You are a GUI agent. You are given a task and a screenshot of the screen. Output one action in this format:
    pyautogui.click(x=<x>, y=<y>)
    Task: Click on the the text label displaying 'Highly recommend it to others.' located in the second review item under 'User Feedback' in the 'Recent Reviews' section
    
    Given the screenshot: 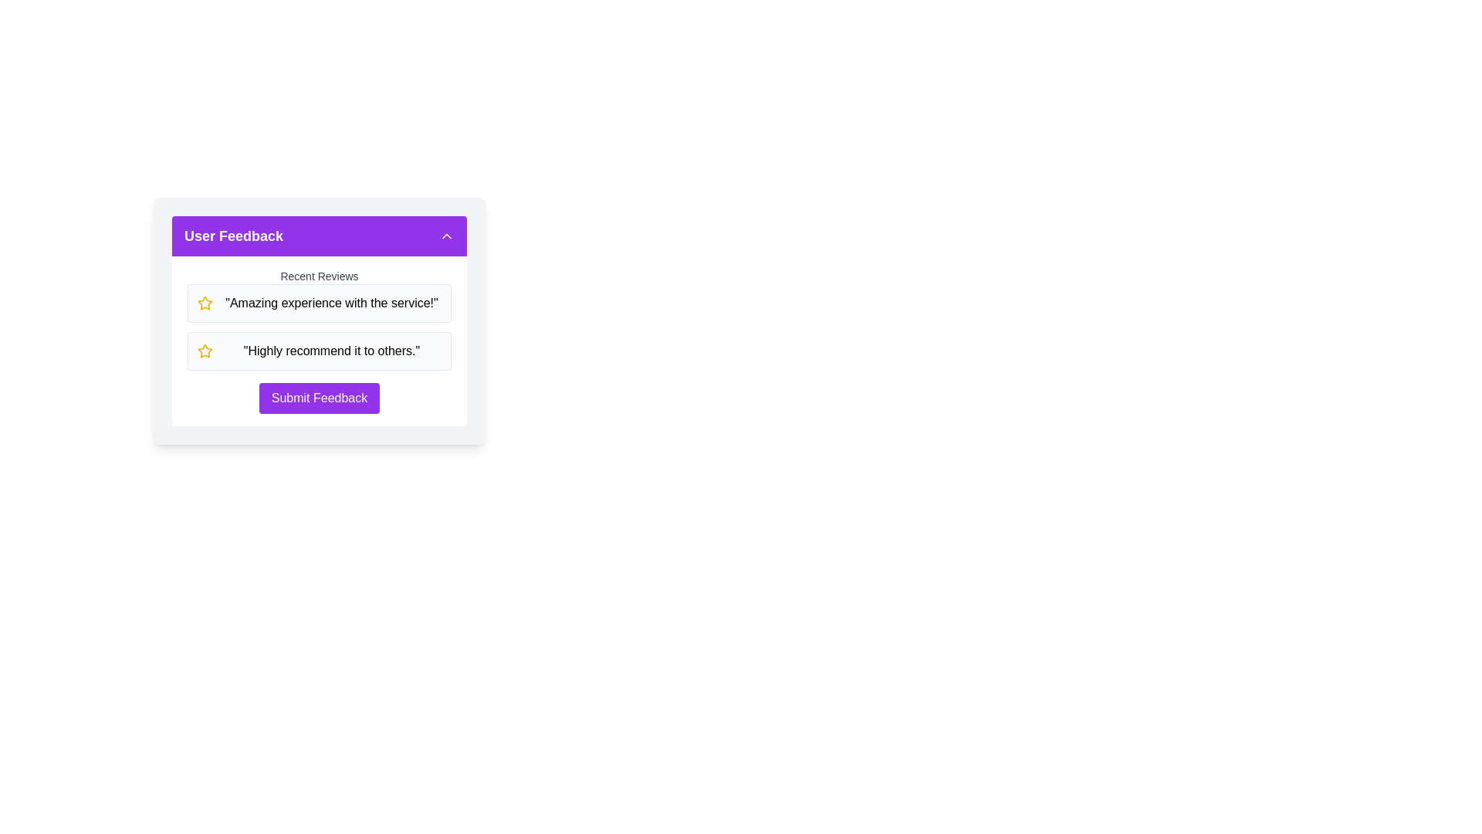 What is the action you would take?
    pyautogui.click(x=331, y=351)
    